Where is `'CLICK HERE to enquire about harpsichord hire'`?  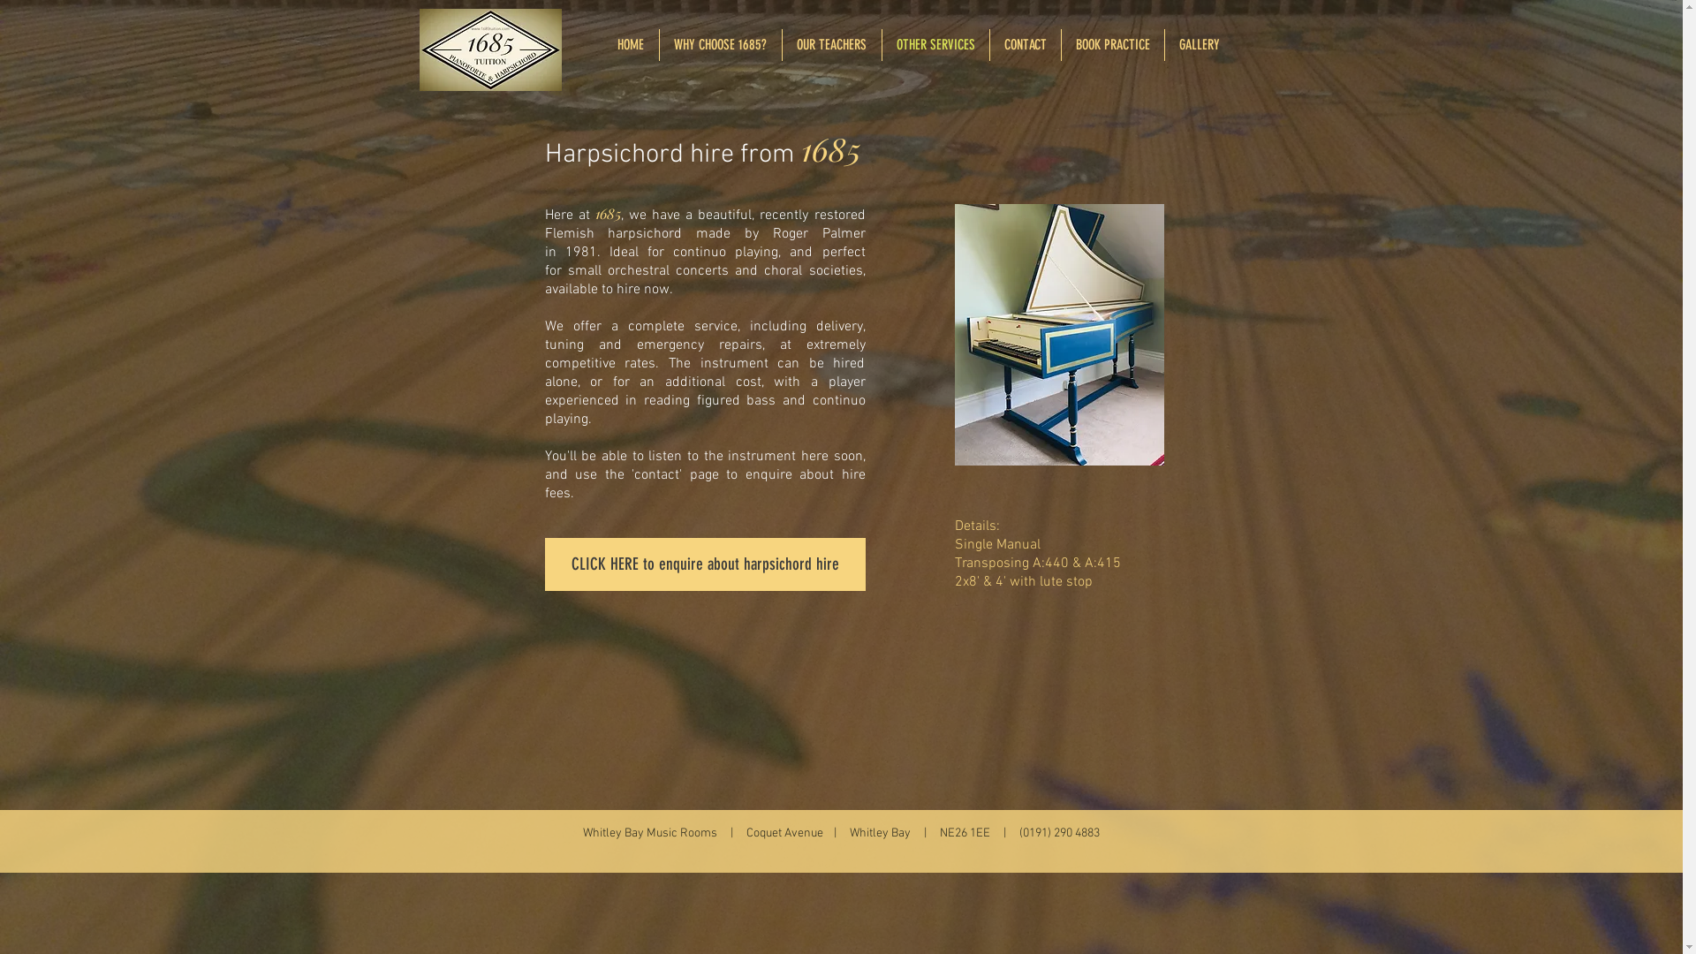 'CLICK HERE to enquire about harpsichord hire' is located at coordinates (703, 564).